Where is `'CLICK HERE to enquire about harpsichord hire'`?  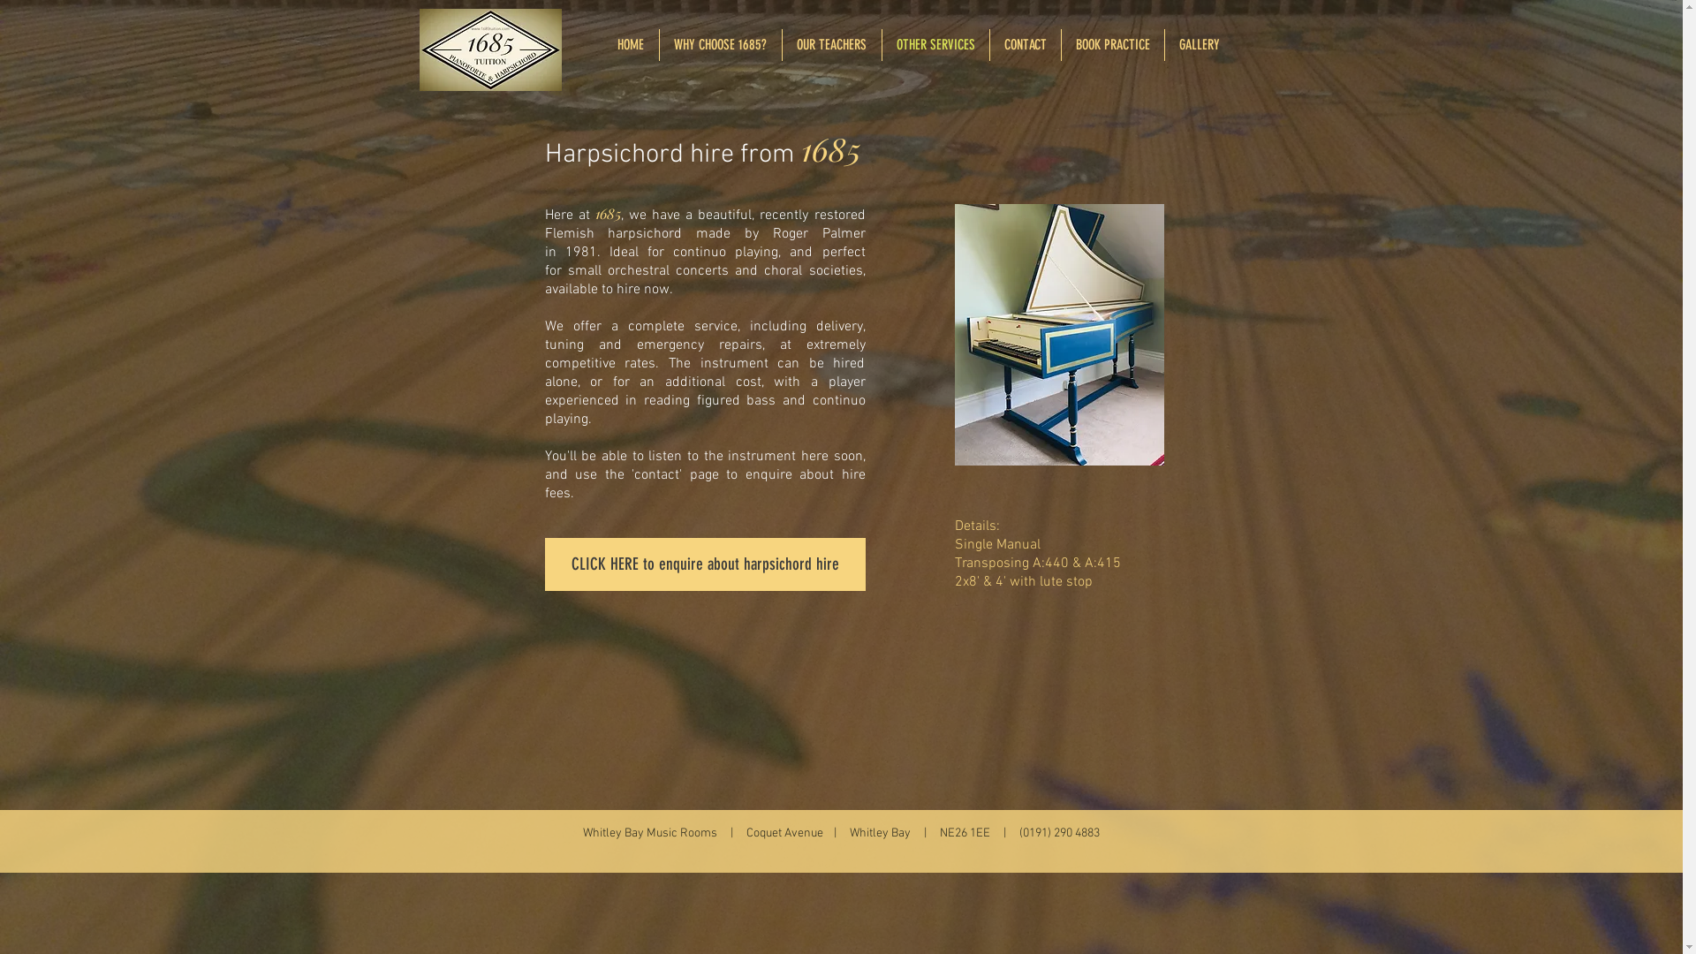 'CLICK HERE to enquire about harpsichord hire' is located at coordinates (703, 564).